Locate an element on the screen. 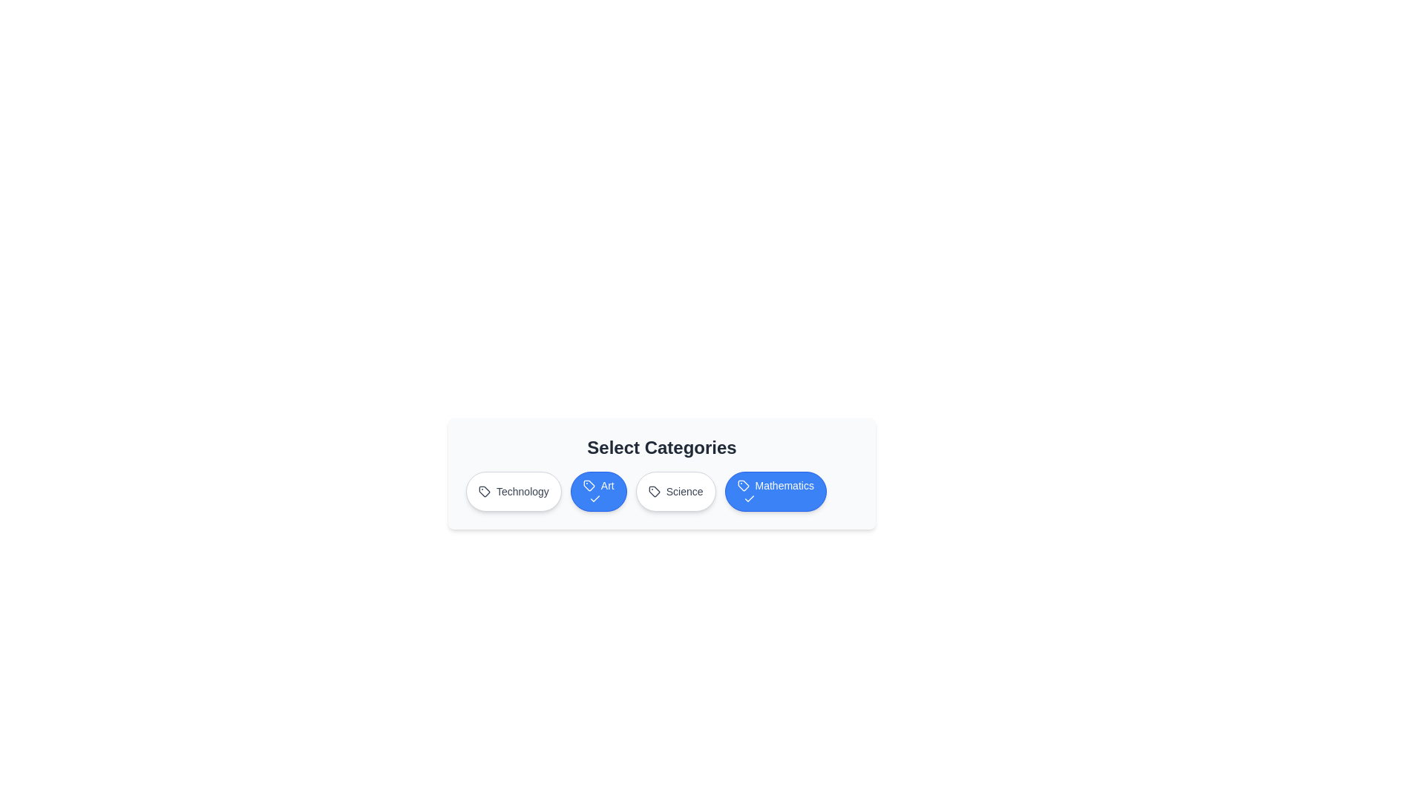 This screenshot has height=801, width=1425. the category button labeled 'Art' is located at coordinates (598, 492).